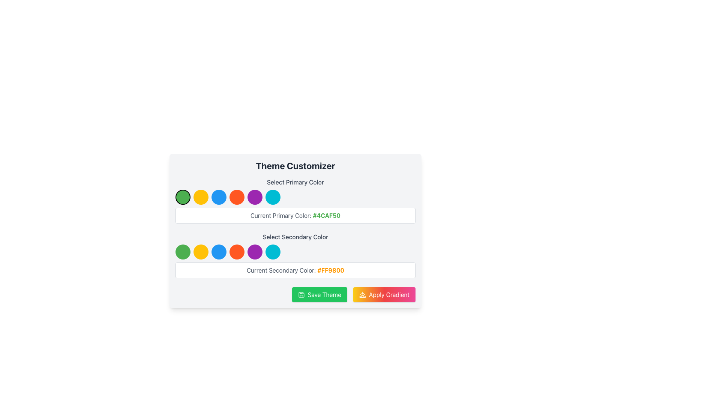 The image size is (720, 405). What do you see at coordinates (295, 200) in the screenshot?
I see `the circular color button in the color selection interface located in the 'Theme Customizer' section` at bounding box center [295, 200].